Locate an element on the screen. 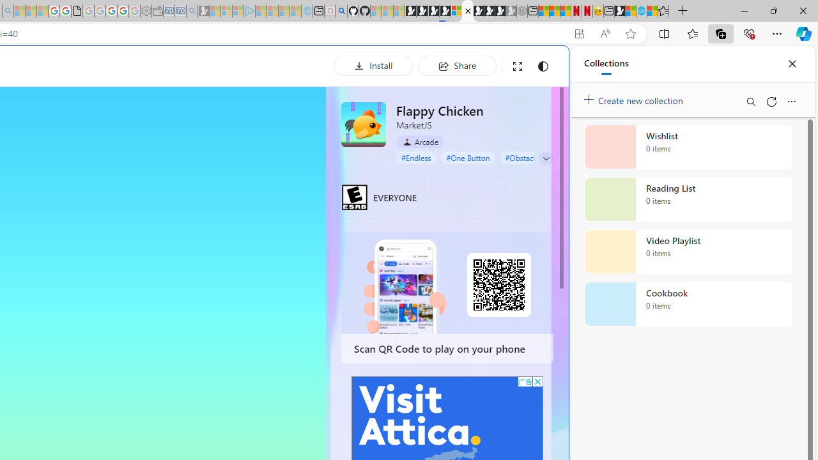 The height and width of the screenshot is (460, 818). 'Class: control' is located at coordinates (546, 158).